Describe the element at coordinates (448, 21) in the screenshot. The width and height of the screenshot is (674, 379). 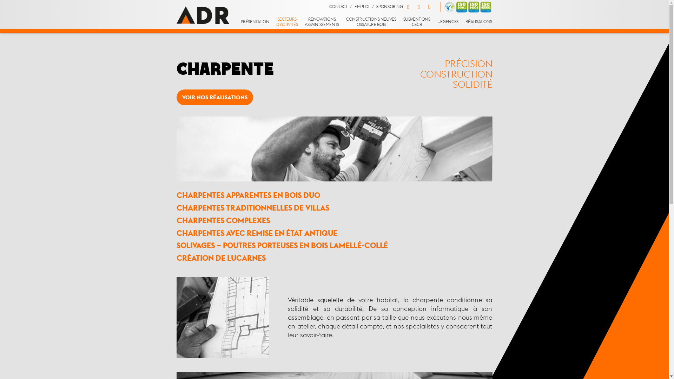
I see `'URGENCES'` at that location.